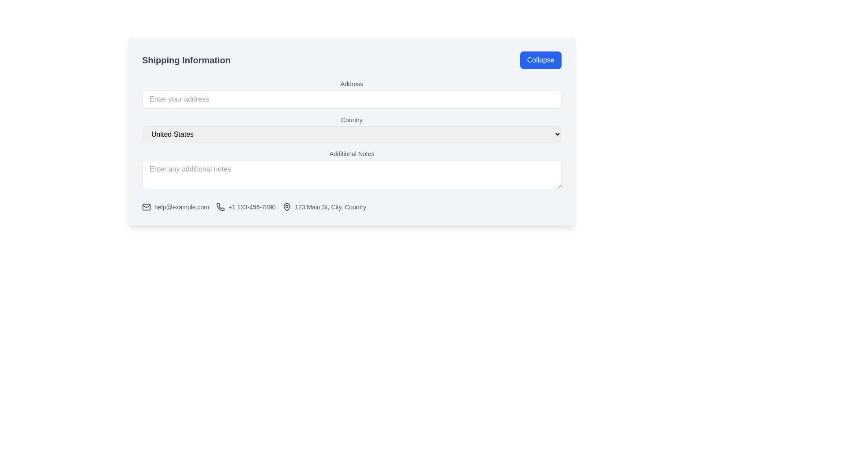 The width and height of the screenshot is (845, 475). What do you see at coordinates (246, 207) in the screenshot?
I see `the static informational text element displaying the phone icon and the text '+1 123-456-7890', located in the middle of three horizontally aligned elements at the bottom of the contact information section` at bounding box center [246, 207].